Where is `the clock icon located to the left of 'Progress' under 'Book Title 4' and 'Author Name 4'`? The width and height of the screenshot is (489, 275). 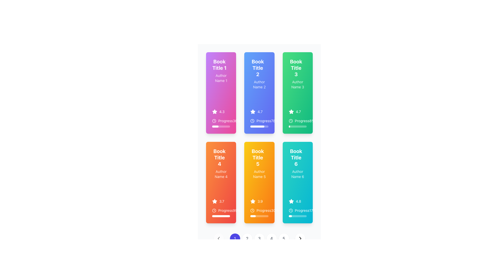
the clock icon located to the left of 'Progress' under 'Book Title 4' and 'Author Name 4' is located at coordinates (214, 210).